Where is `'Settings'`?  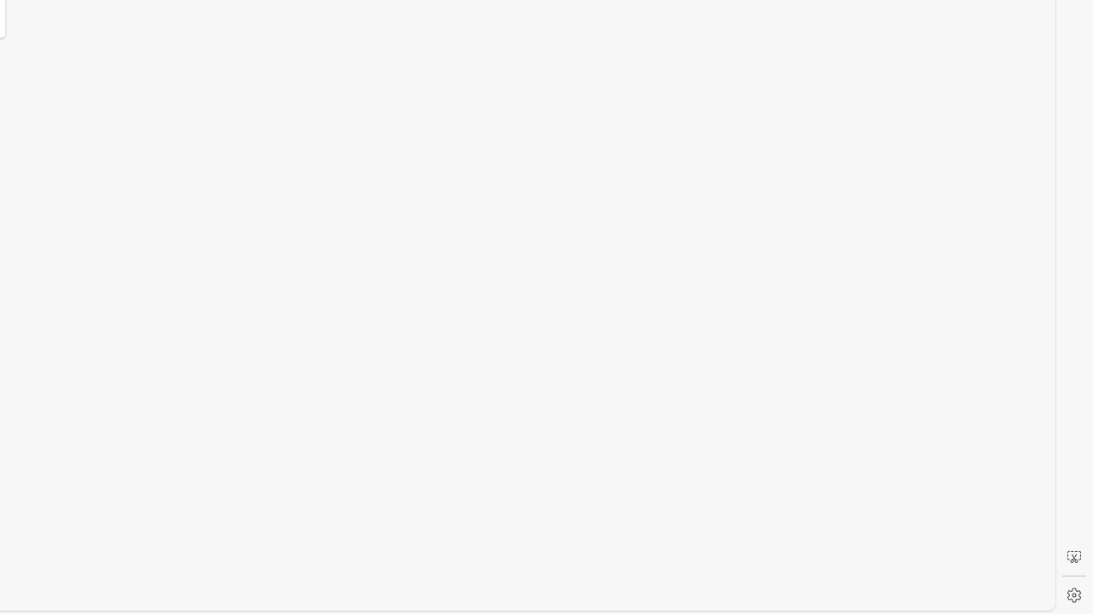 'Settings' is located at coordinates (1073, 594).